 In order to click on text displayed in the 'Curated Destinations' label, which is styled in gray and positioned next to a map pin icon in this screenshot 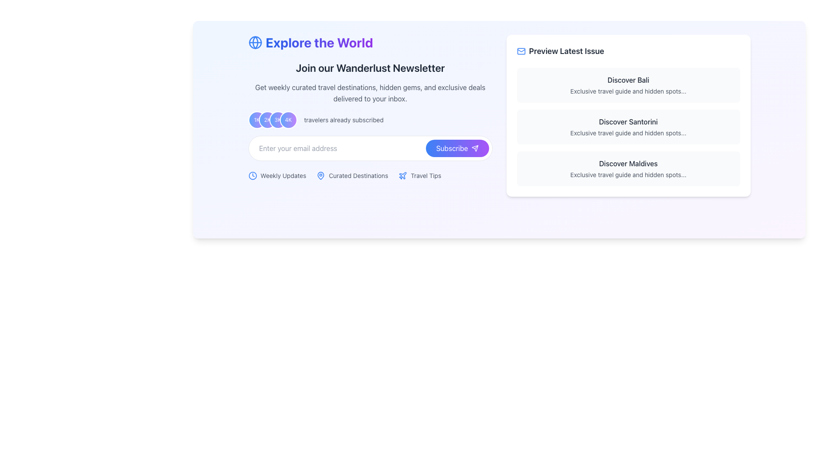, I will do `click(358, 176)`.